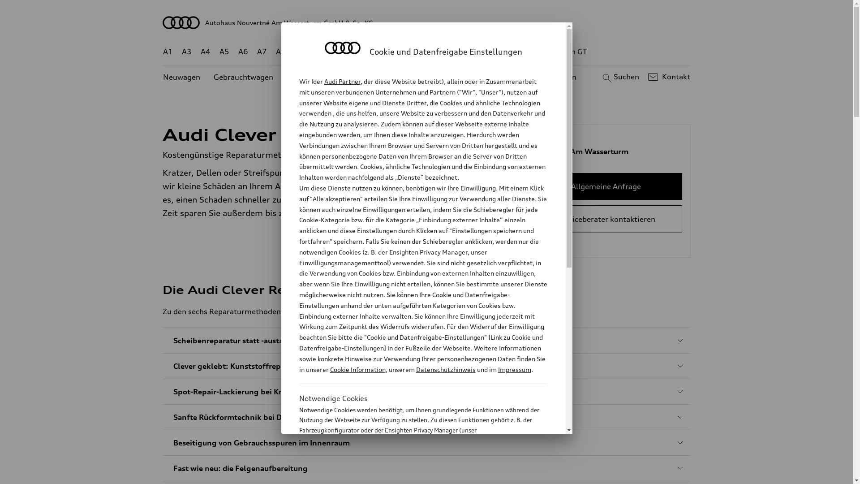  What do you see at coordinates (668, 77) in the screenshot?
I see `'Kontakt'` at bounding box center [668, 77].